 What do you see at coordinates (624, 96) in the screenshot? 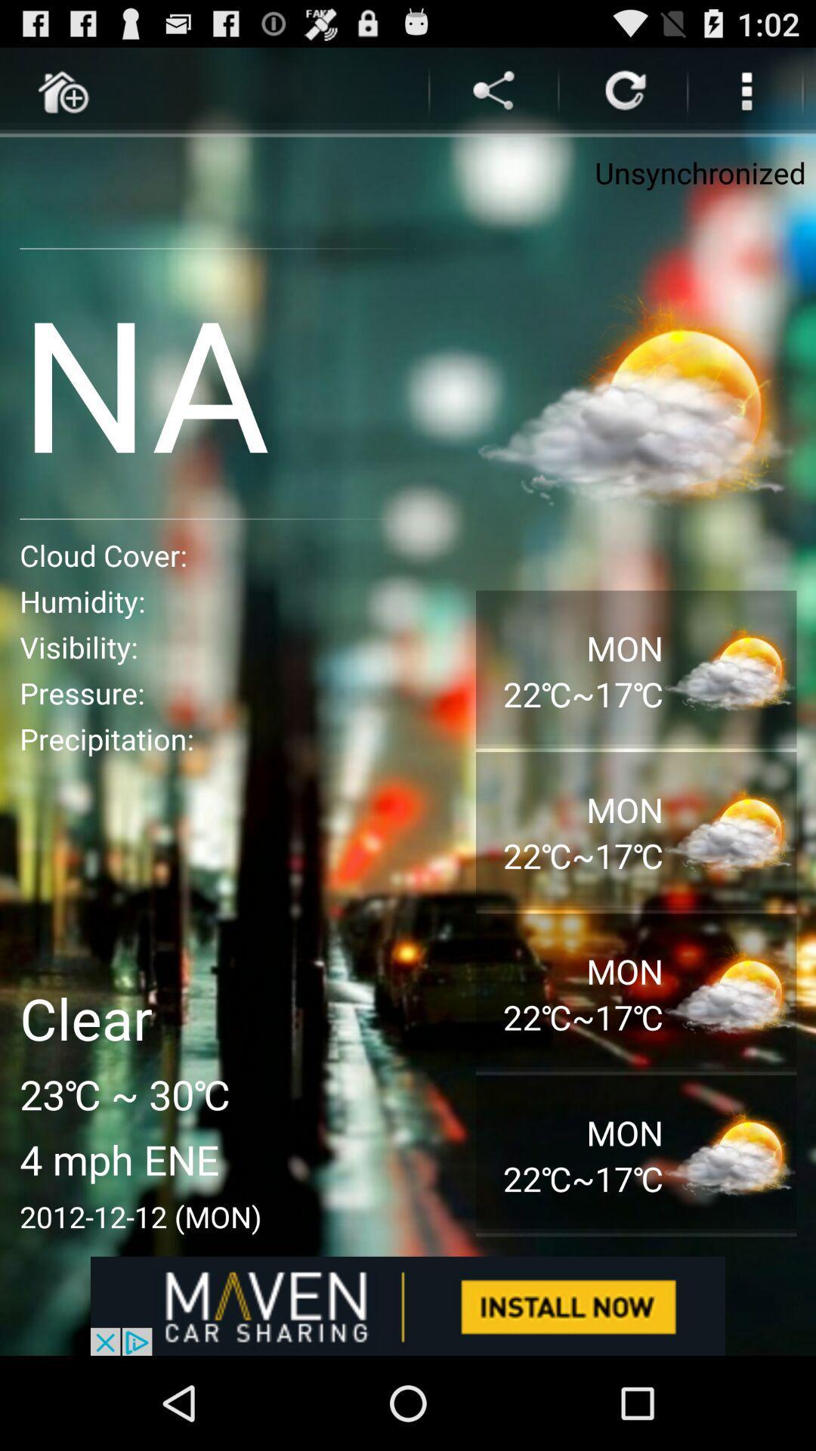
I see `the refresh icon` at bounding box center [624, 96].